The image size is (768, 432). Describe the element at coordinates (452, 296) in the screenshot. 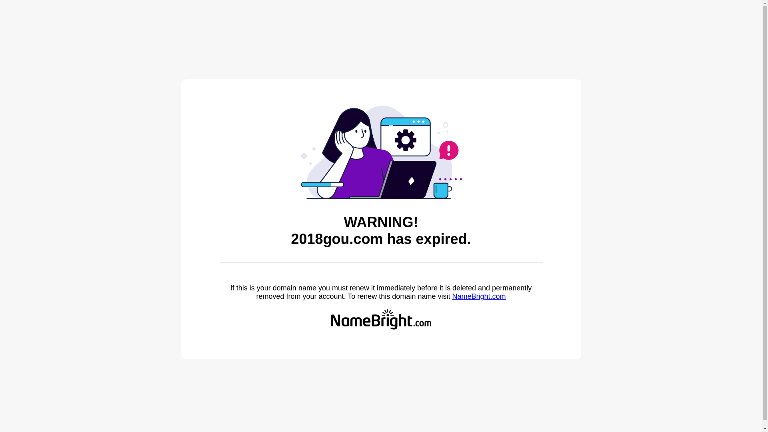

I see `'NameBright.com'` at that location.